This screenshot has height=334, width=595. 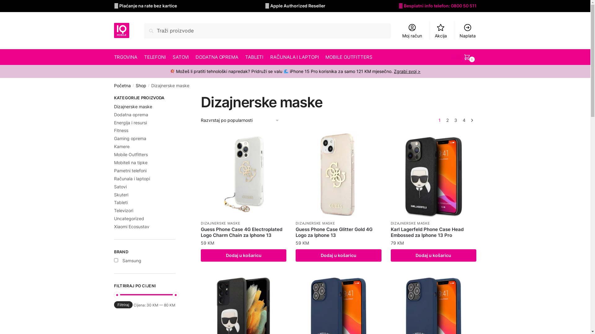 I want to click on 'Energija i resursi', so click(x=130, y=122).